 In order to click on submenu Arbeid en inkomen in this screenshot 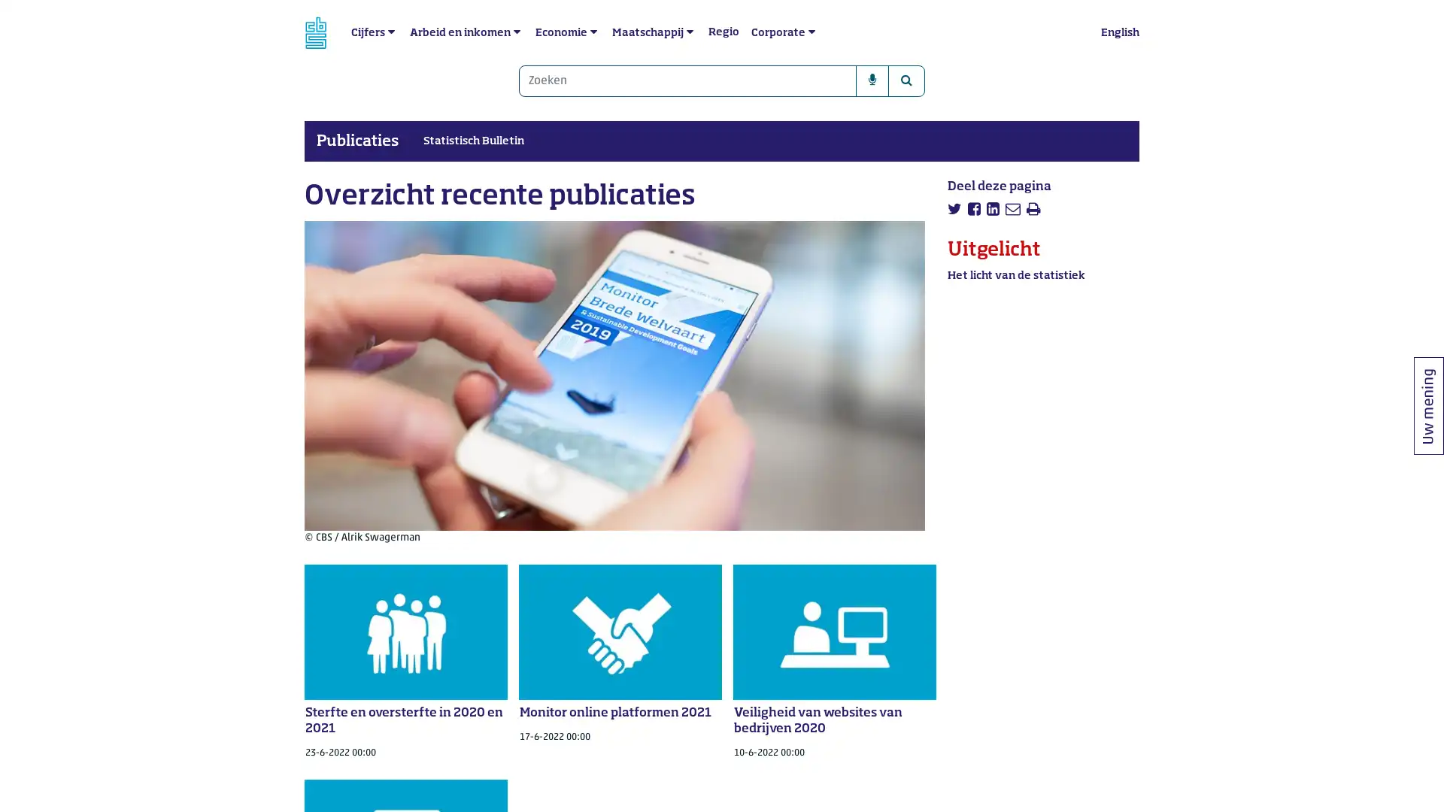, I will do `click(517, 32)`.